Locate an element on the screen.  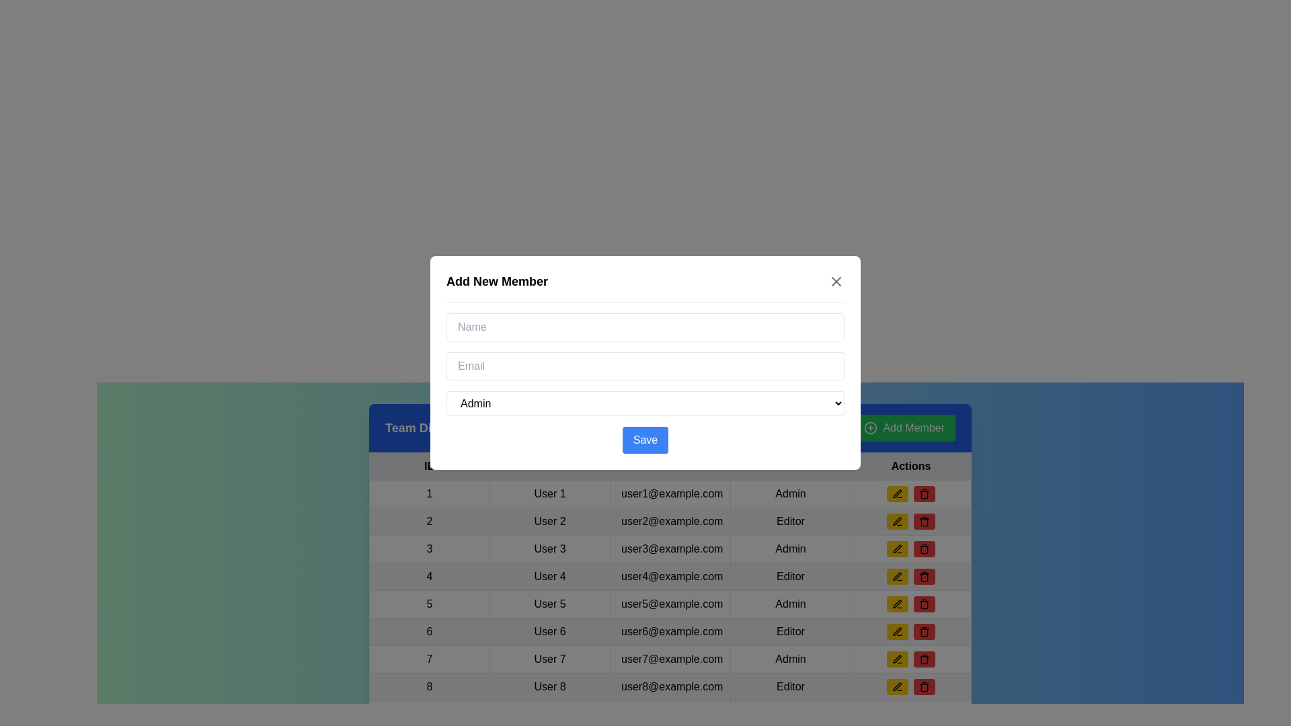
the 'Add New Team Member' button located in the top-right corner of the blue header section titled 'Team Directory' is located at coordinates (904, 428).